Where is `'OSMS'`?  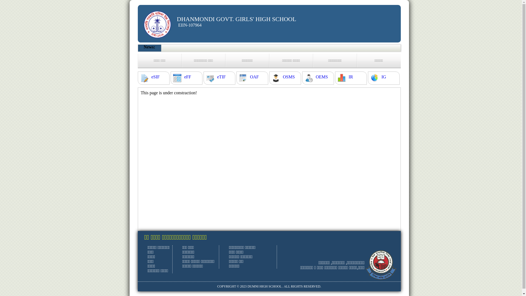 'OSMS' is located at coordinates (283, 77).